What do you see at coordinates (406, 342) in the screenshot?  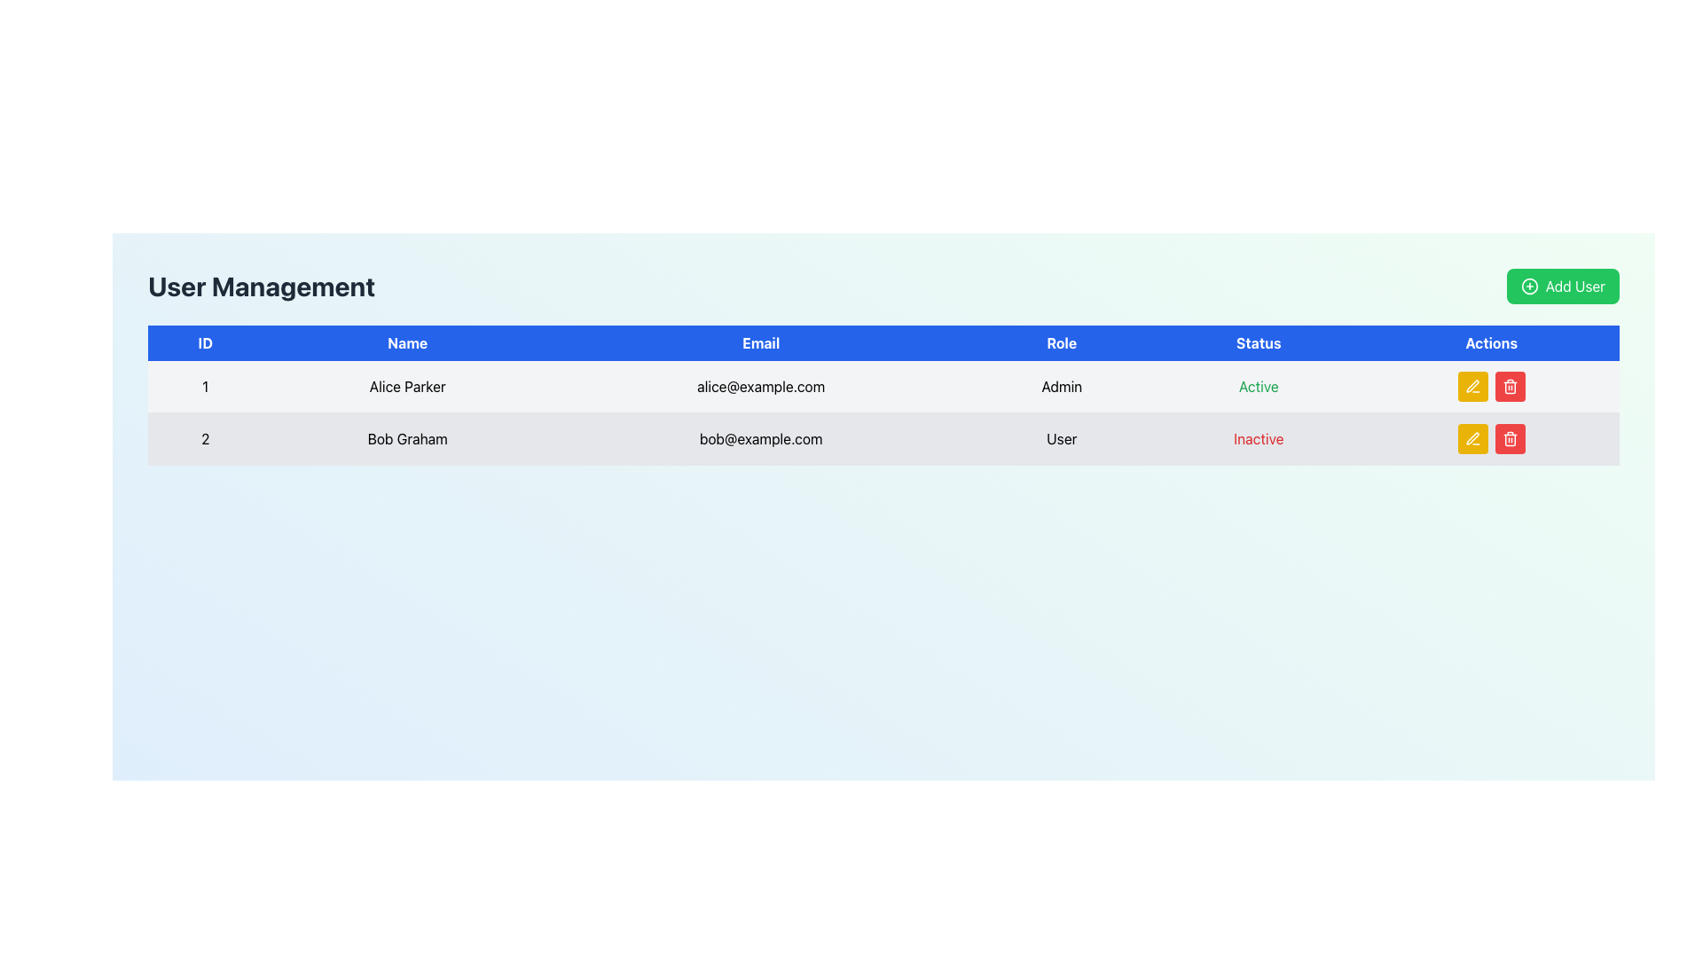 I see `the Table Header Cell labeled 'Name'` at bounding box center [406, 342].